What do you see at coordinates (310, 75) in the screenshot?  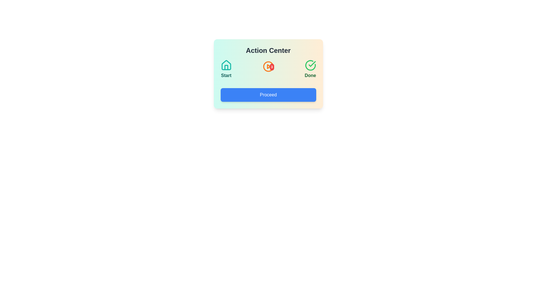 I see `the green, bold text label that displays 'Done', which is located in the top-right quadrant of the interface, beneath a green checkmark icon` at bounding box center [310, 75].